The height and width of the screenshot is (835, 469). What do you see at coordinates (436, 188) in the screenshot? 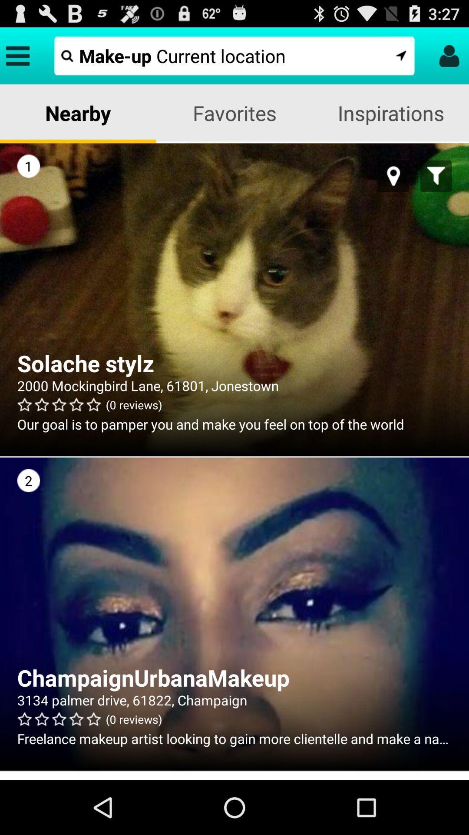
I see `the filter icon` at bounding box center [436, 188].